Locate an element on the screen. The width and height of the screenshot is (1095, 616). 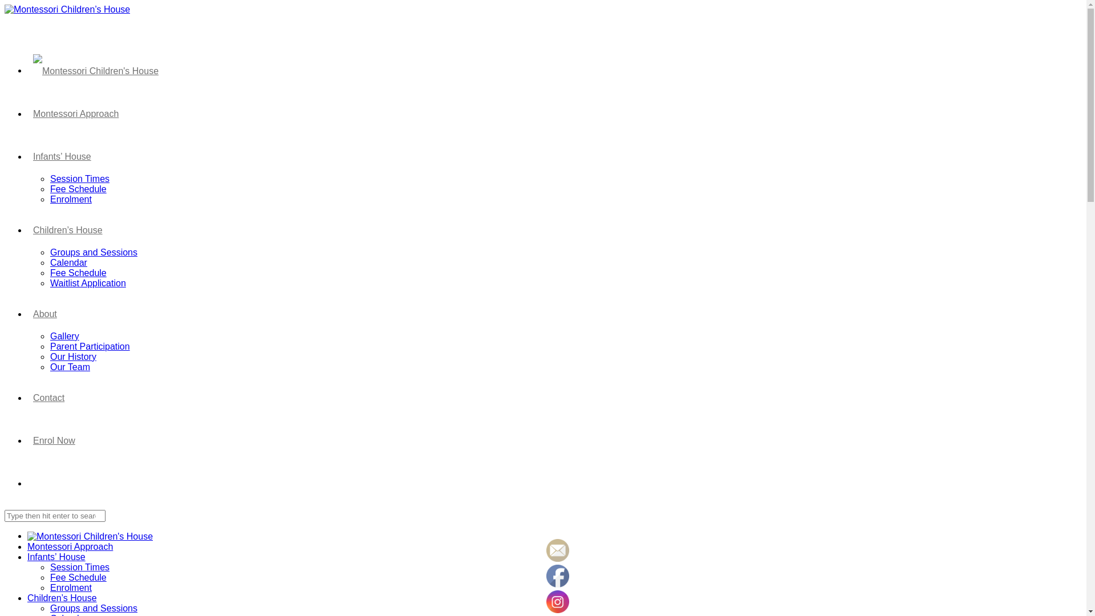
'Our History' is located at coordinates (72, 356).